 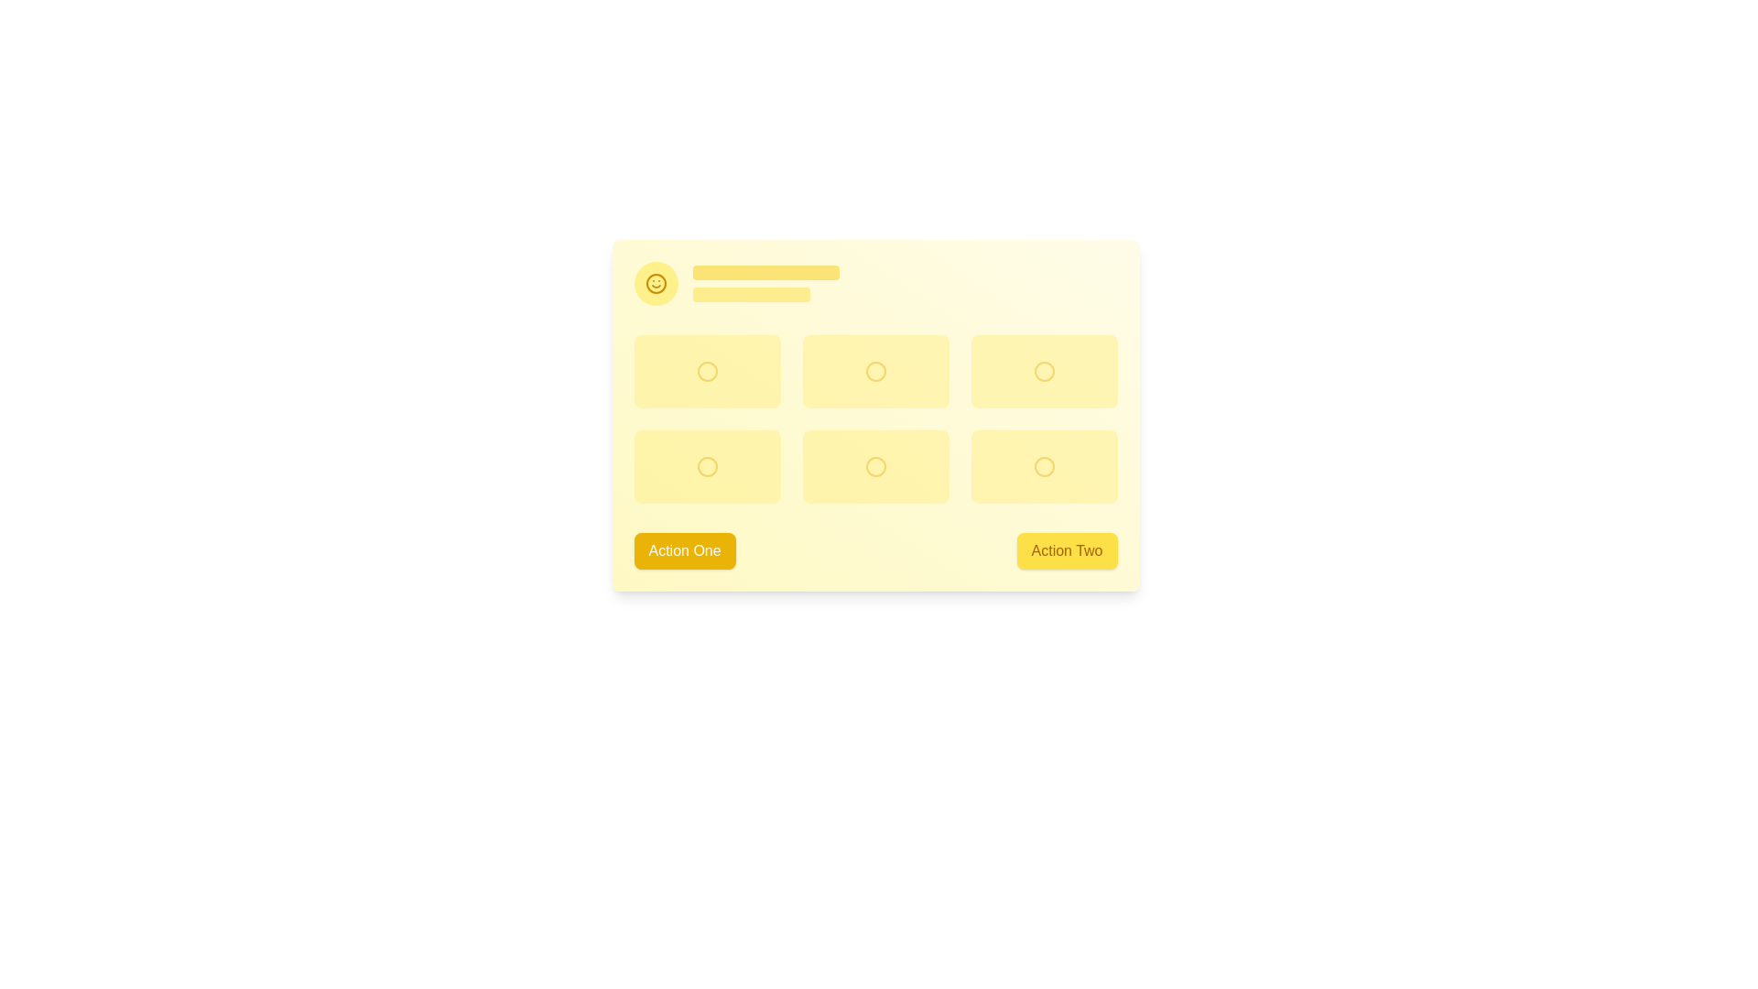 What do you see at coordinates (1044, 465) in the screenshot?
I see `the circular SVG graphic with a hollow center, styled with yellow color, located in the bottom-right corner of the interactive grid layout` at bounding box center [1044, 465].